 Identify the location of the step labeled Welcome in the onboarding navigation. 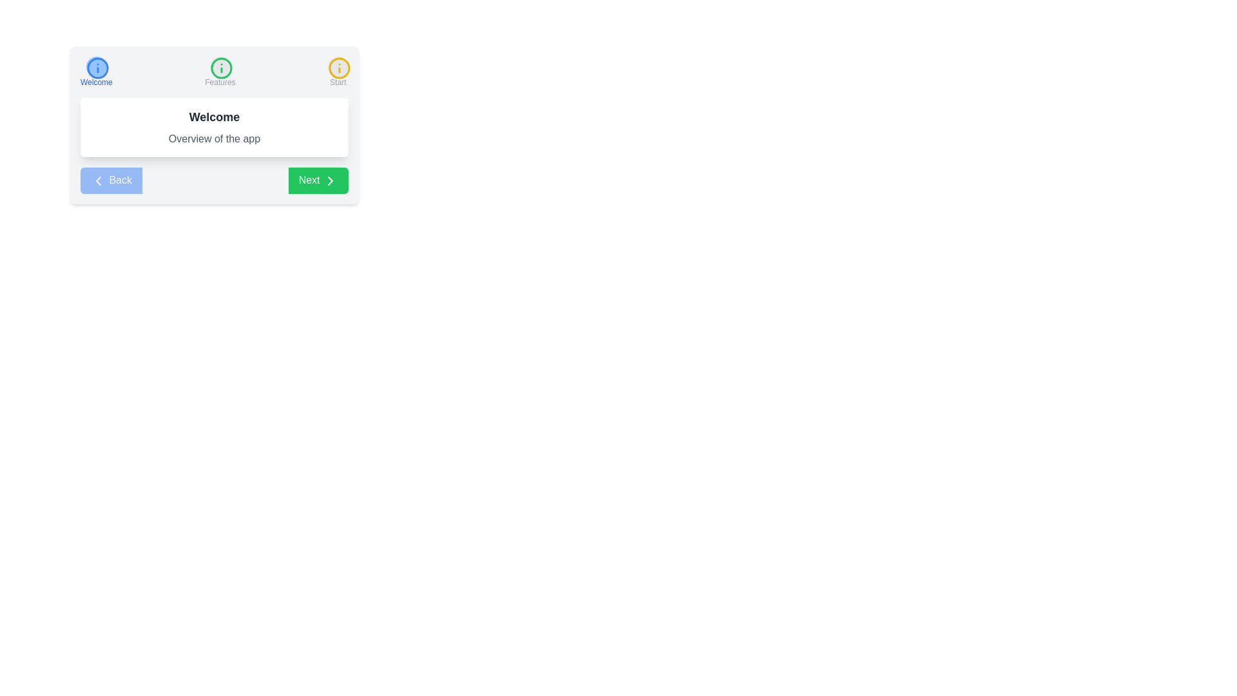
(95, 72).